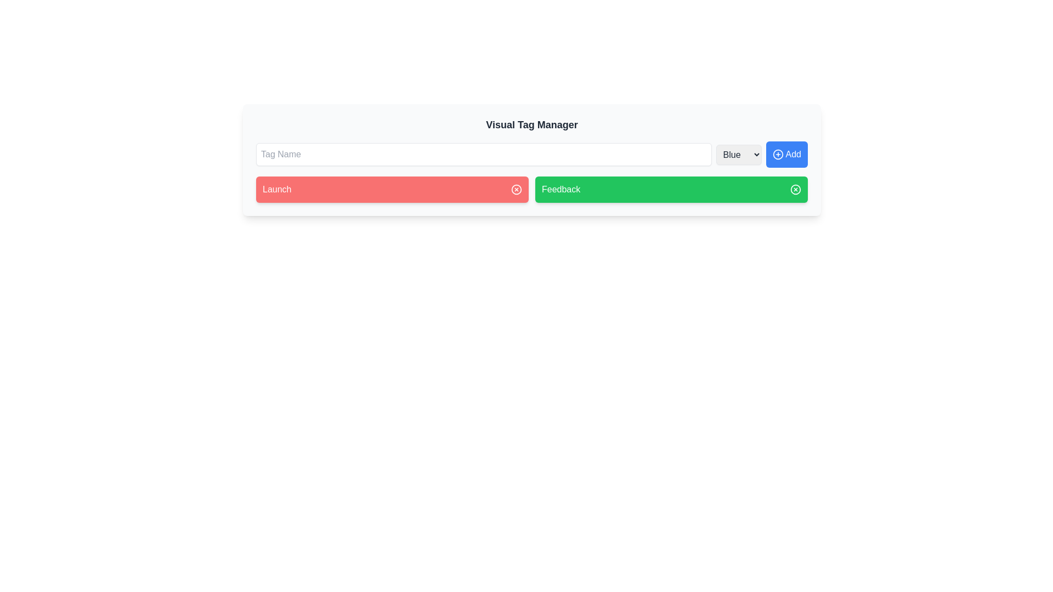  What do you see at coordinates (777, 154) in the screenshot?
I see `the leftmost icon of the 'Add' button located in the top-right section of the interface to trigger potential visual feedback` at bounding box center [777, 154].